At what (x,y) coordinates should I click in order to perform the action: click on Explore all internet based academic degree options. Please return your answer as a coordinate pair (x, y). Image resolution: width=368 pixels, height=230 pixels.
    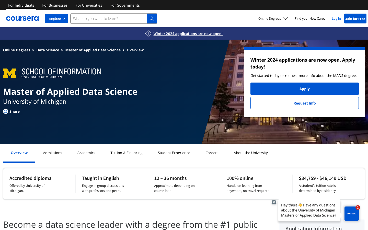
    Looking at the image, I should click on (273, 18).